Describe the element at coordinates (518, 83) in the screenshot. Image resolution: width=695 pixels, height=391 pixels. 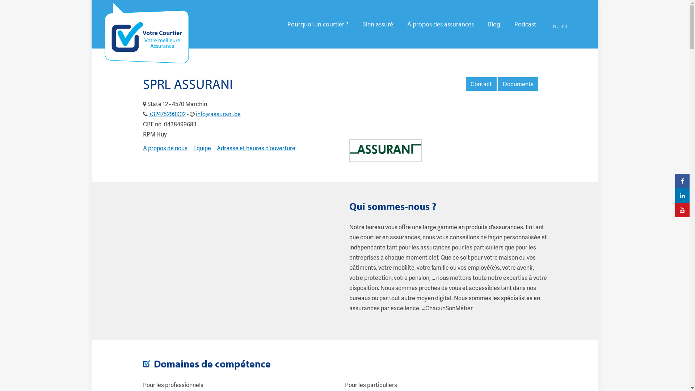
I see `'Documents'` at that location.